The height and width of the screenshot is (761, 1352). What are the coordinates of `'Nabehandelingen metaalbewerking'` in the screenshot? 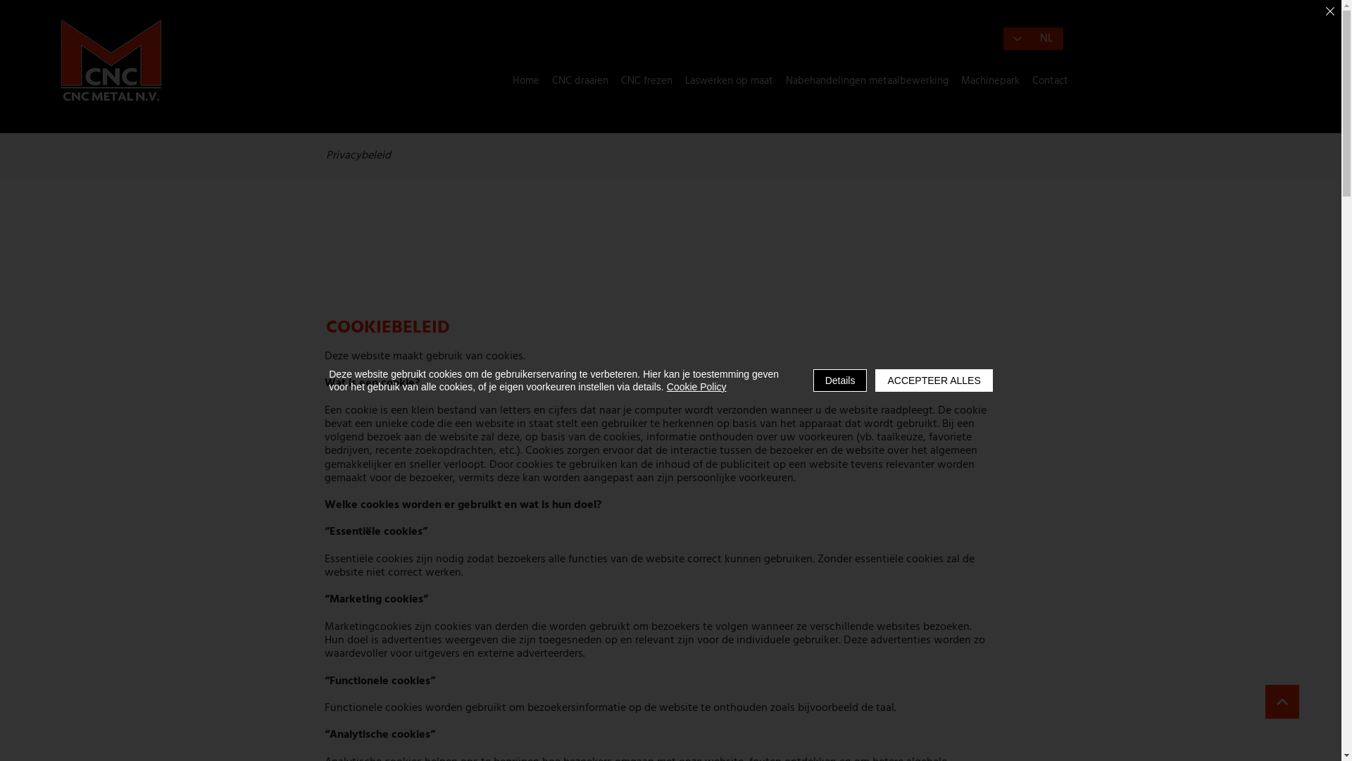 It's located at (866, 81).